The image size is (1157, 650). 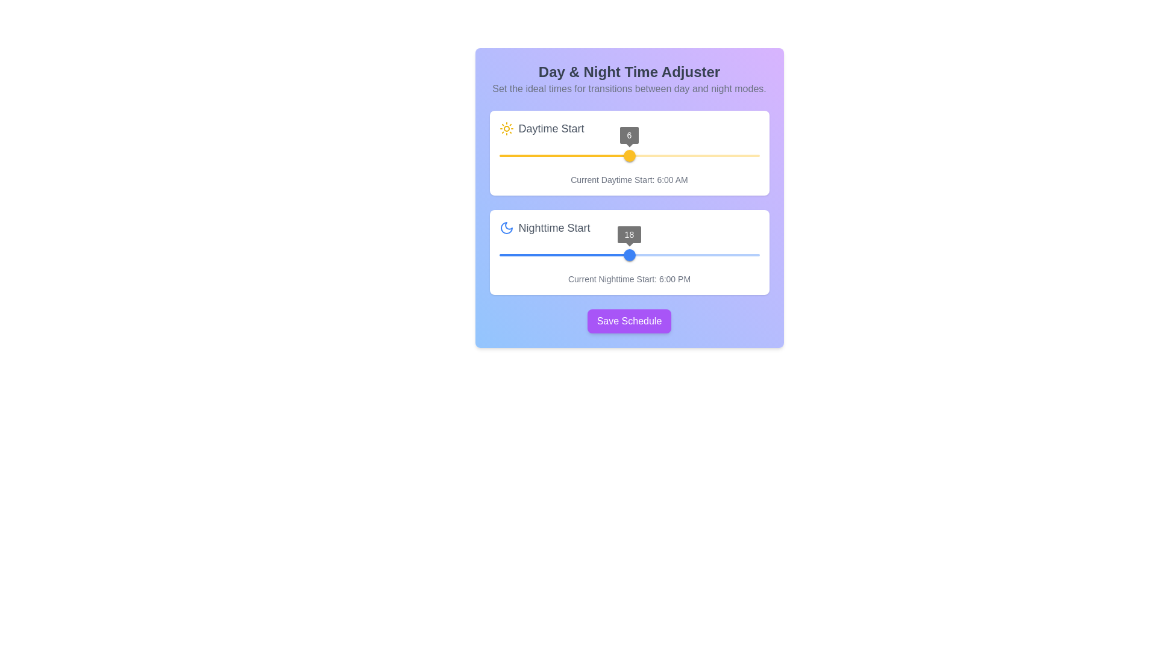 I want to click on the daytime start, so click(x=510, y=155).